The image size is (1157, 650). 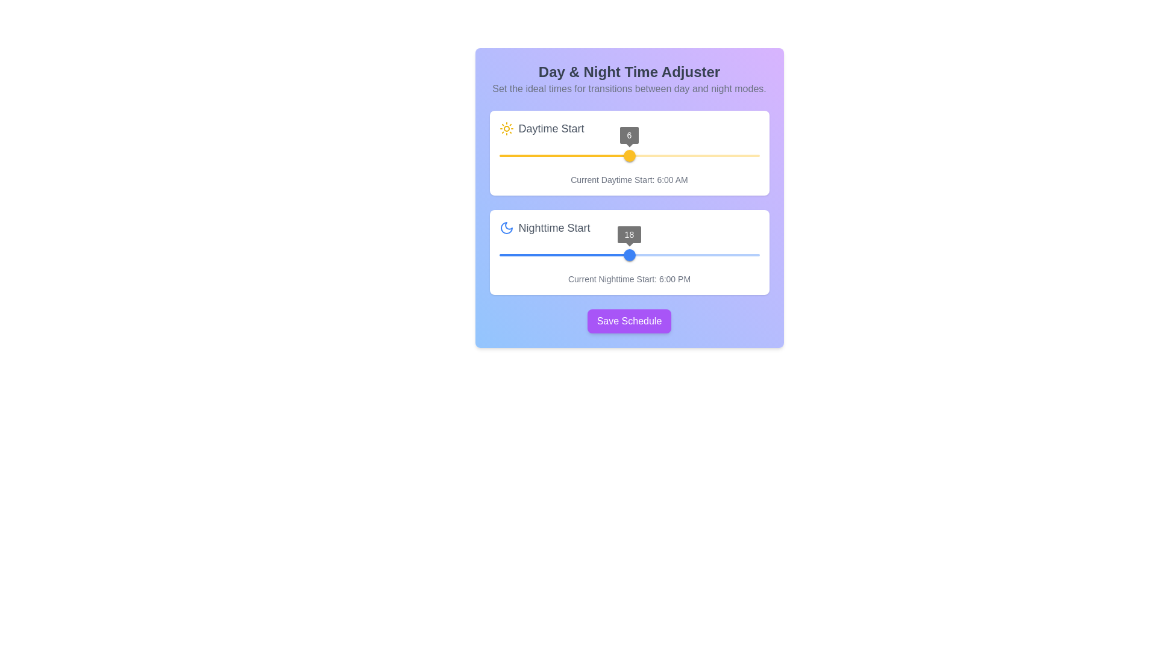 I want to click on the daytime start, so click(x=510, y=155).